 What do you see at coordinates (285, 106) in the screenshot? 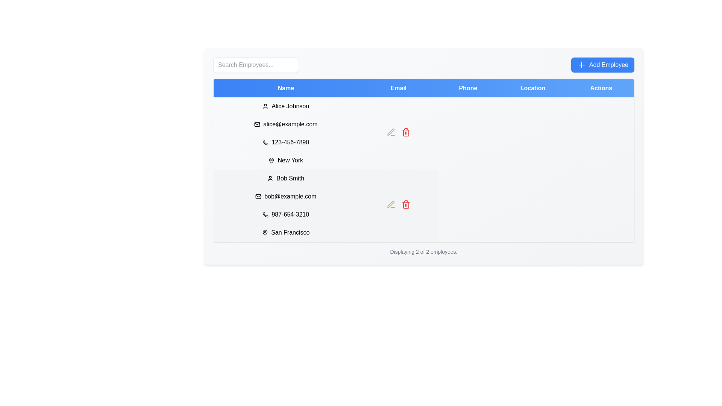
I see `the label displaying 'Alice Johnson' with a user silhouette icon in the 'Name' column of the first row` at bounding box center [285, 106].